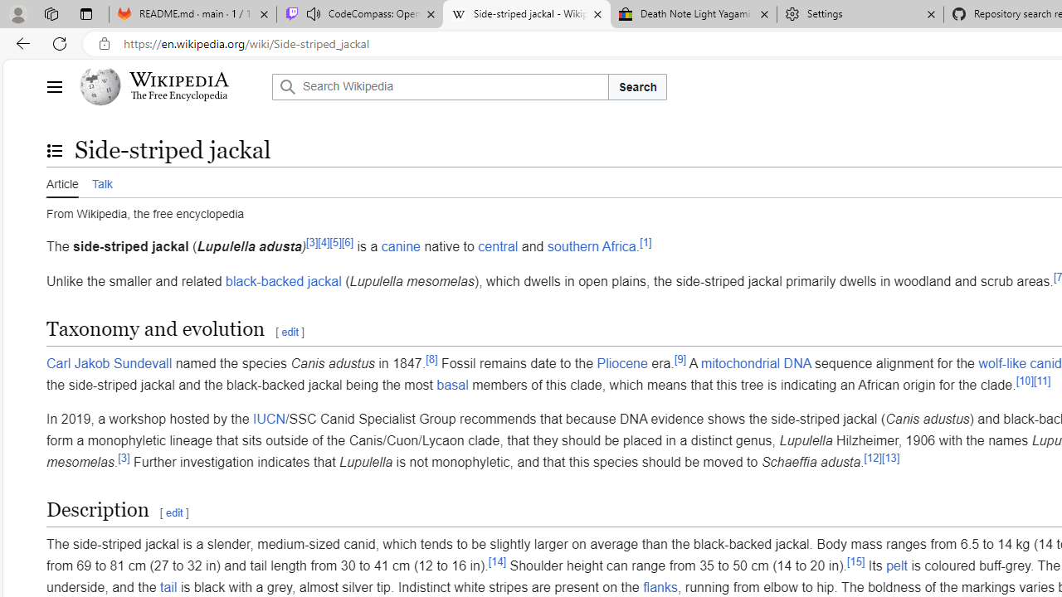 The height and width of the screenshot is (597, 1062). I want to click on 'Article', so click(62, 182).